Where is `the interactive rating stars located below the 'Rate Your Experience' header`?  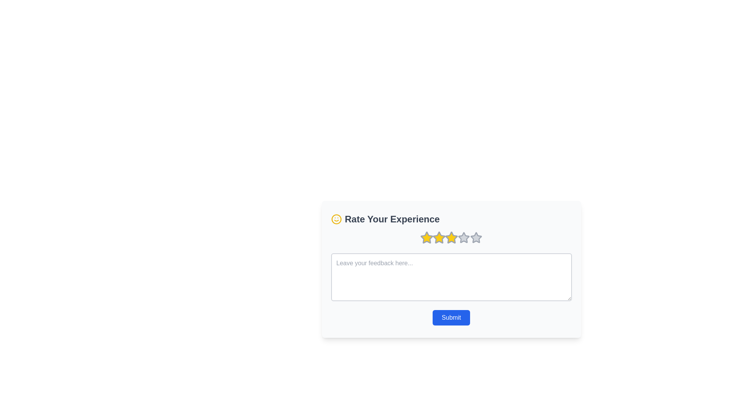 the interactive rating stars located below the 'Rate Your Experience' header is located at coordinates (451, 237).